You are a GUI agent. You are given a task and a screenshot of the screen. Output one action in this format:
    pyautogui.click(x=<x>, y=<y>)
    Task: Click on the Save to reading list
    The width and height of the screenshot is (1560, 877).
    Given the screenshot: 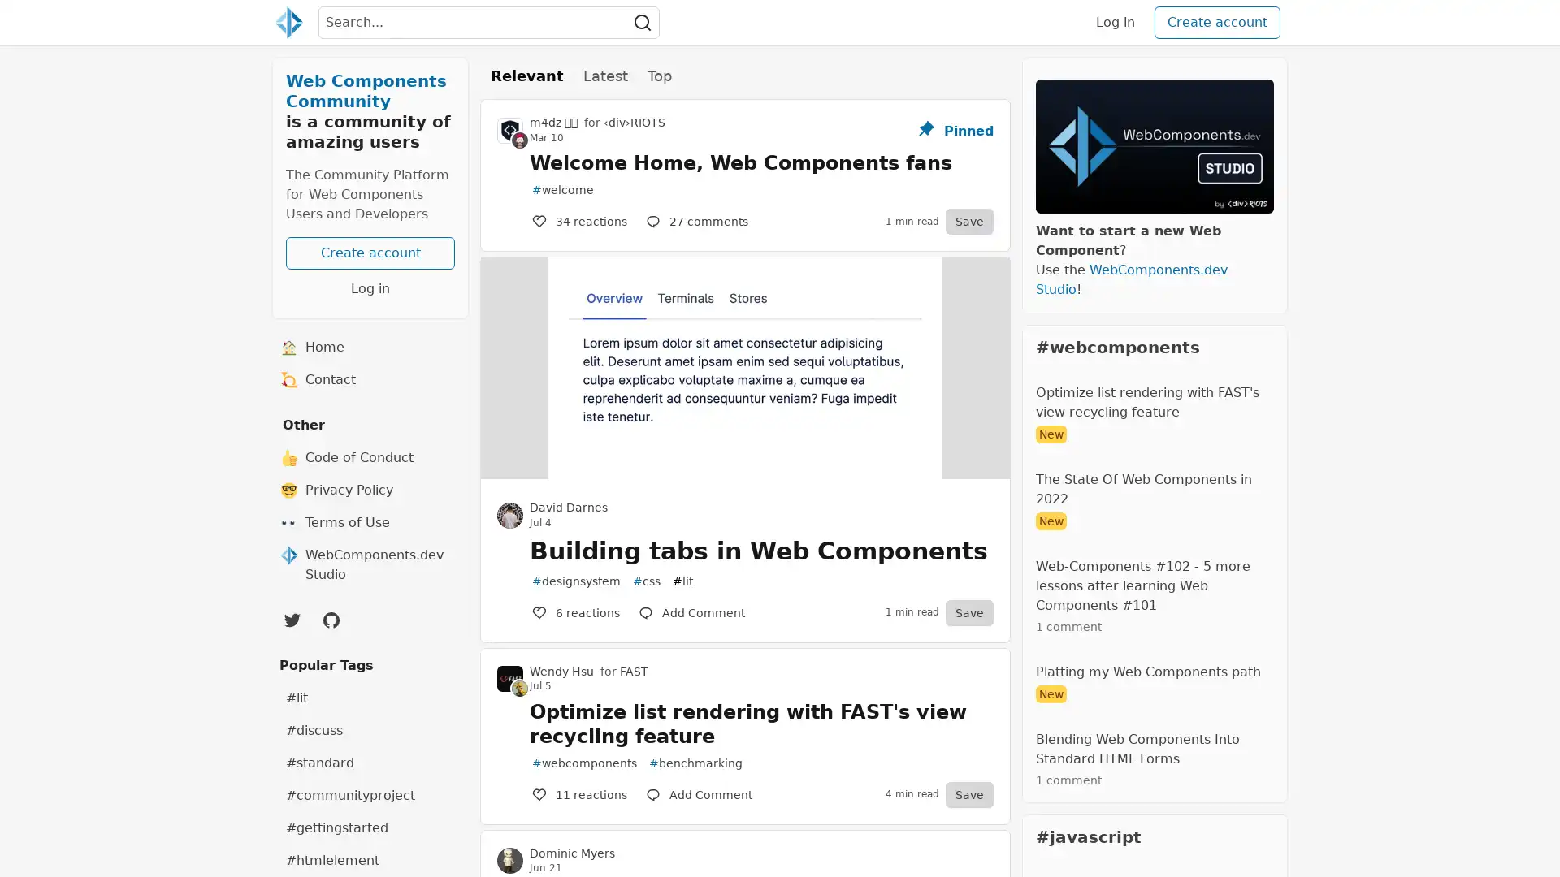 What is the action you would take?
    pyautogui.click(x=968, y=222)
    